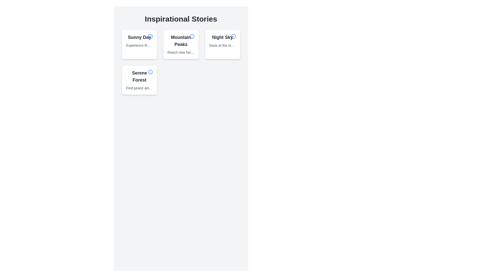 Image resolution: width=482 pixels, height=271 pixels. Describe the element at coordinates (139, 40) in the screenshot. I see `the first card component in the grid layout under the heading 'Inspirational Stories'` at that location.